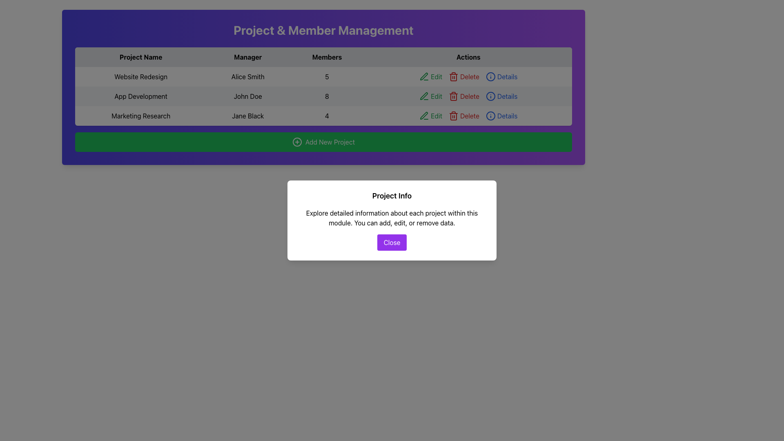 The width and height of the screenshot is (784, 441). Describe the element at coordinates (464, 77) in the screenshot. I see `the red 'Delete' button located in the actions column of the second row of the table, which is positioned between 'Edit' and 'Details'` at that location.